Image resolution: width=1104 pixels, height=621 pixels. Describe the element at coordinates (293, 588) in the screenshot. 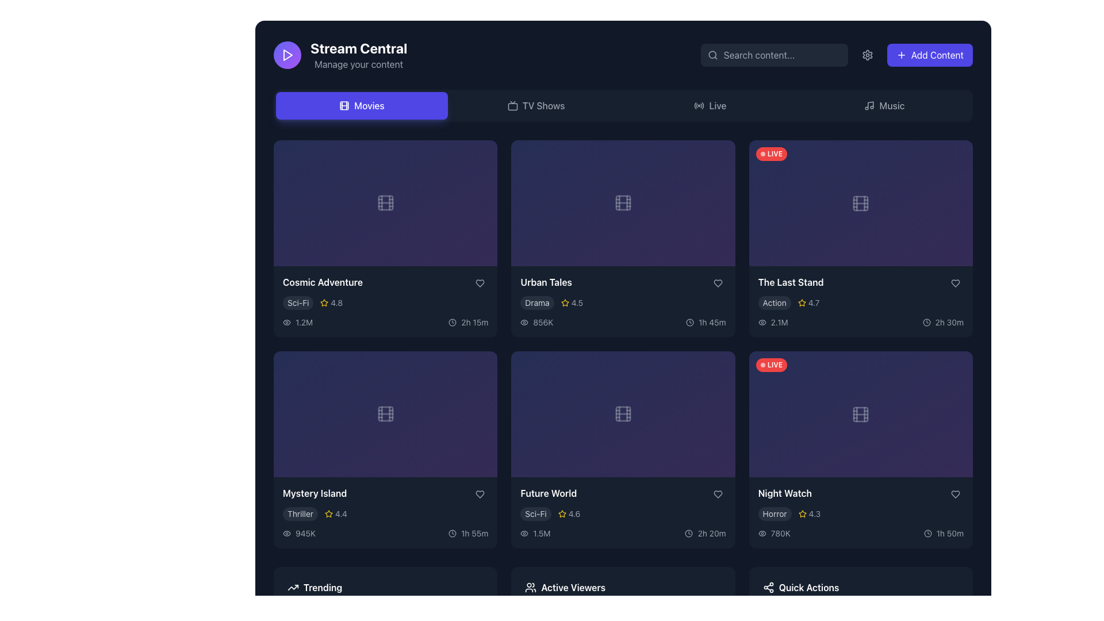

I see `the upward pointing arrow vector icon outlined in white, located to the left of the text label 'Trending' in the bottom-left corner of the interface` at that location.